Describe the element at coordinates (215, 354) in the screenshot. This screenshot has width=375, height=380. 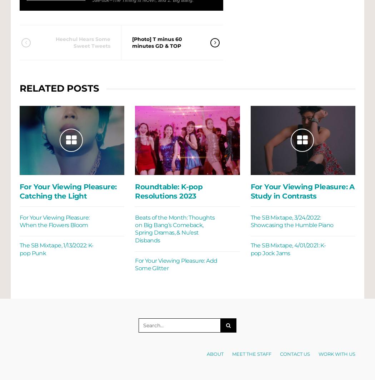
I see `'About'` at that location.